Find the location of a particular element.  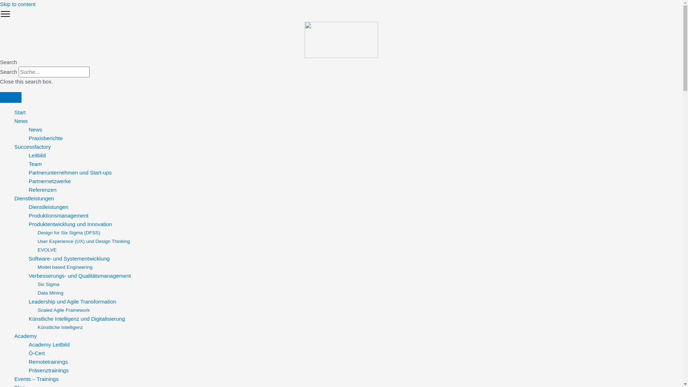

'Academy' is located at coordinates (25, 336).